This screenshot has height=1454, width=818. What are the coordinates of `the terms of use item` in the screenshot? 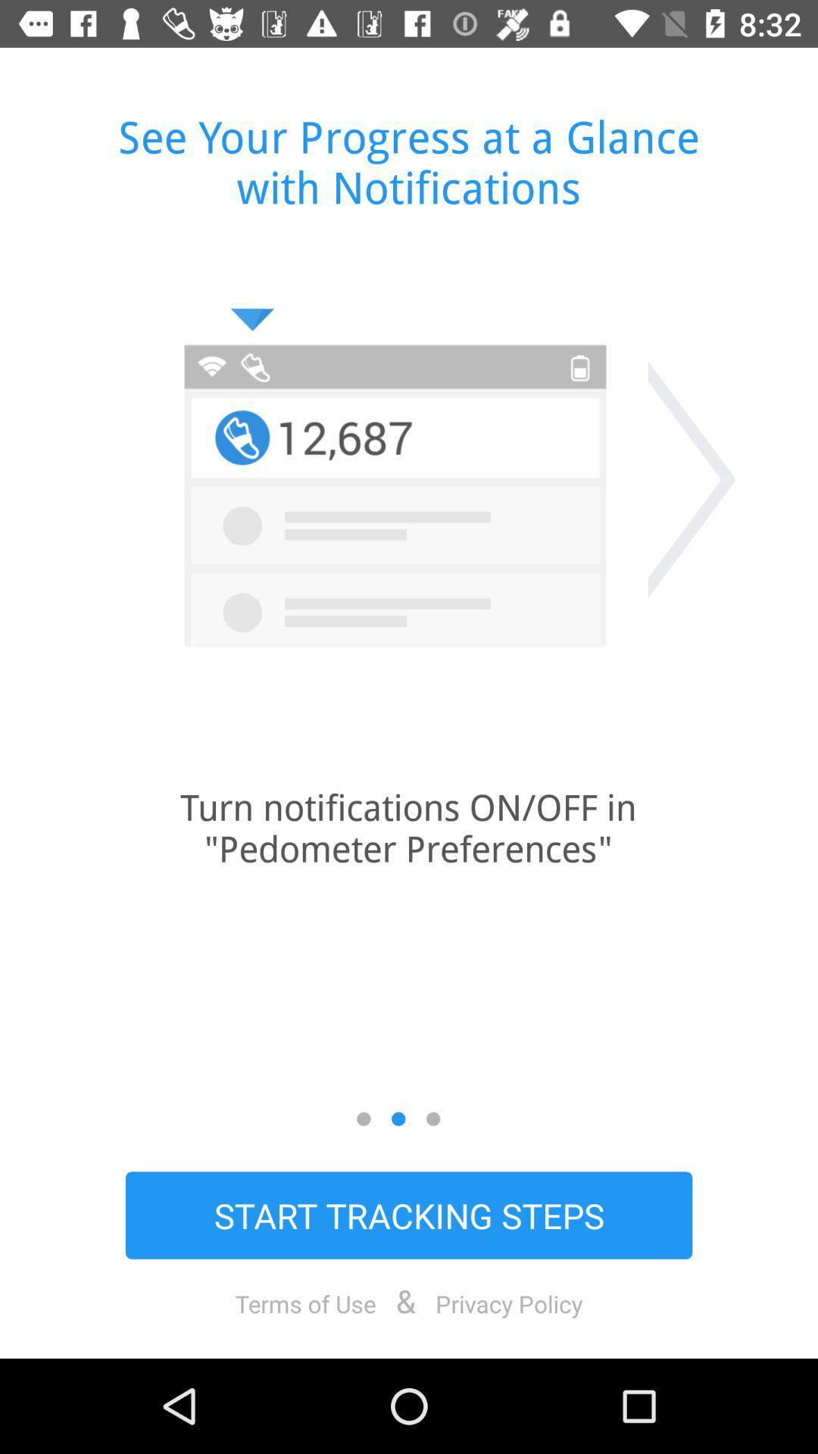 It's located at (305, 1303).